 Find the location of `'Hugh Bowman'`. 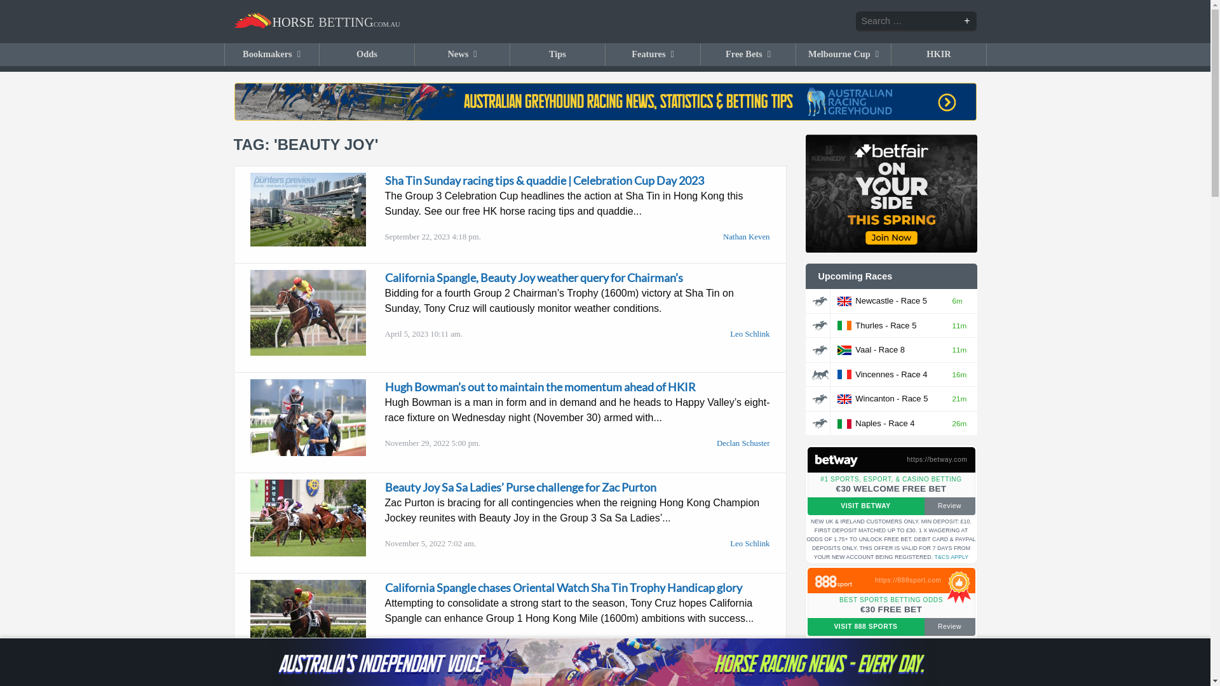

'Hugh Bowman' is located at coordinates (308, 417).